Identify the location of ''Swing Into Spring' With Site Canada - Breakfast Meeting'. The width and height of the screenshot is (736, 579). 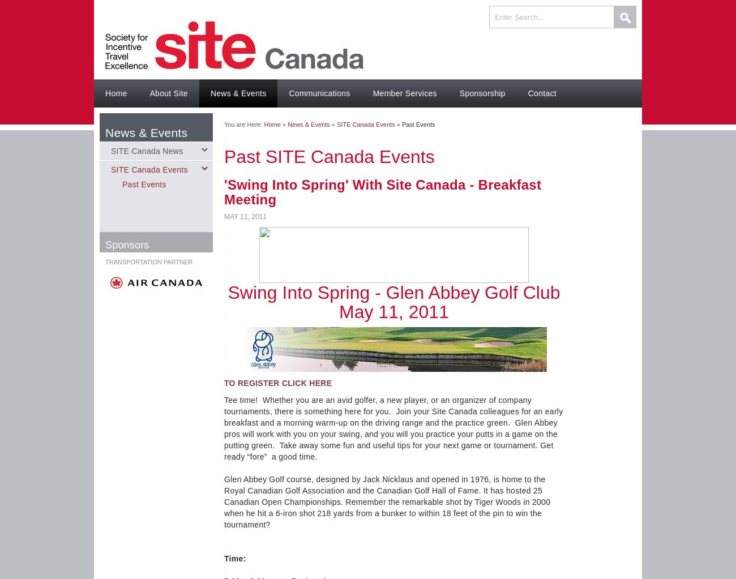
(382, 192).